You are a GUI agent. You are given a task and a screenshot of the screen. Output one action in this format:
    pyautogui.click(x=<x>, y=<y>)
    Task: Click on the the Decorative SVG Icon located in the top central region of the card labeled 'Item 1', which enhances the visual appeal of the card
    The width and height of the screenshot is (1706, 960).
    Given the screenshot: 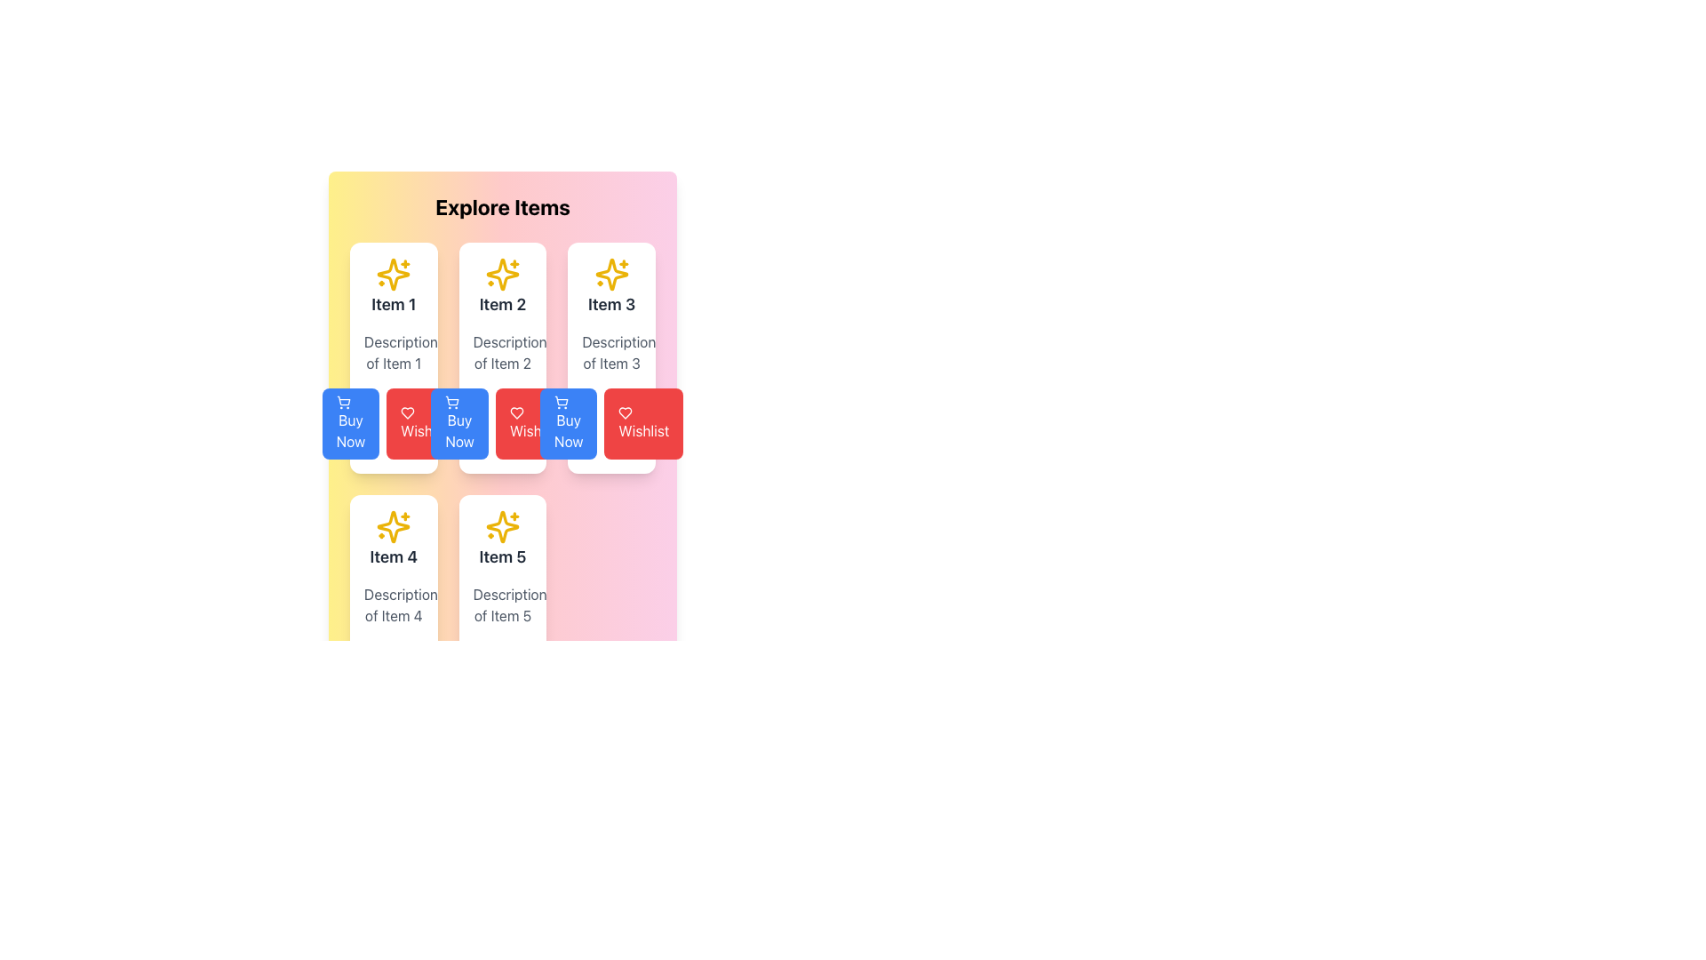 What is the action you would take?
    pyautogui.click(x=393, y=274)
    